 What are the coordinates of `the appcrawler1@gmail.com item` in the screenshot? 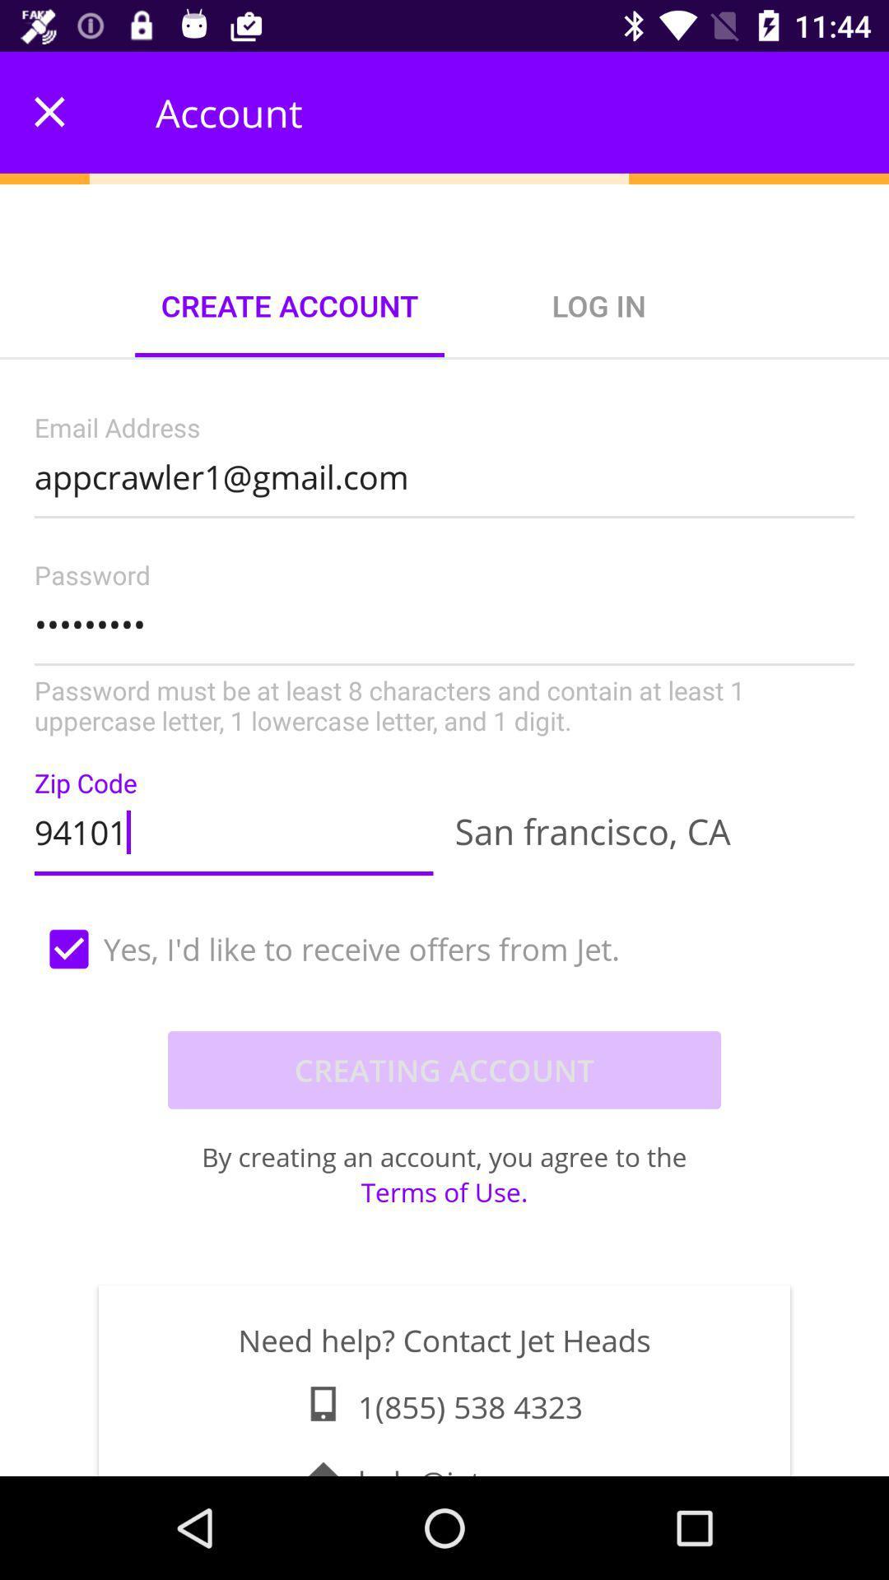 It's located at (444, 472).